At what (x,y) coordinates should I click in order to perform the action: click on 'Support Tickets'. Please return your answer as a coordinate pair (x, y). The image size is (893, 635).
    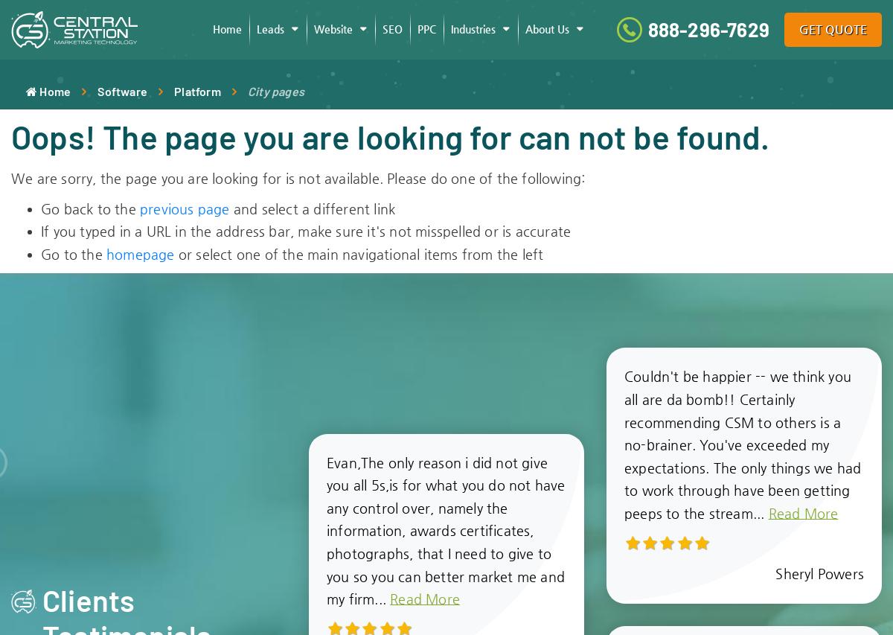
    Looking at the image, I should click on (356, 183).